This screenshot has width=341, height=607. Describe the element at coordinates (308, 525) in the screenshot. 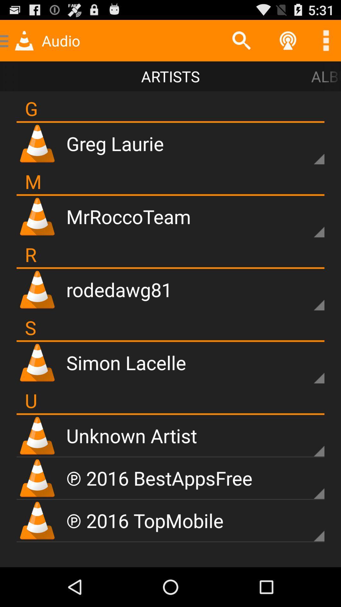

I see `see more info` at that location.